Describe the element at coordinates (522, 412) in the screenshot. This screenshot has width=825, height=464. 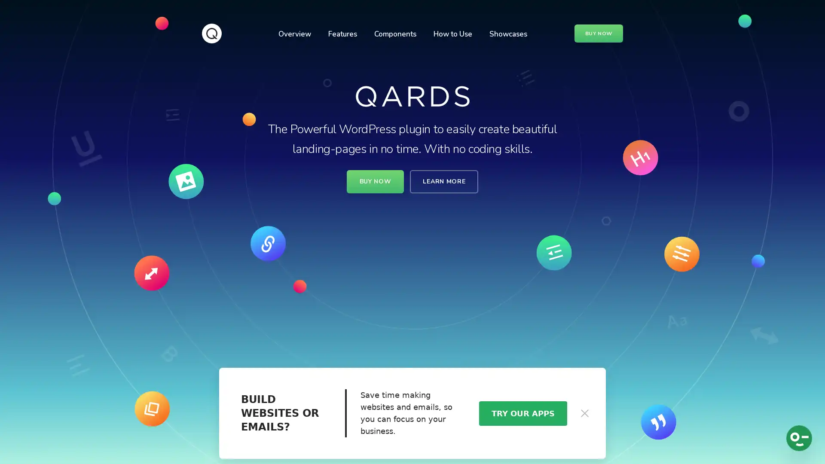
I see `TRY OUR APPS` at that location.